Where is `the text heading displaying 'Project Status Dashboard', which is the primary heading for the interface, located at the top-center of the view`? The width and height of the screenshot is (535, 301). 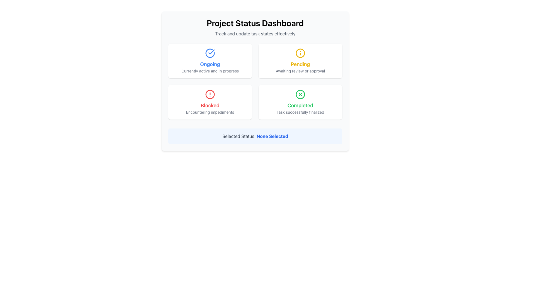 the text heading displaying 'Project Status Dashboard', which is the primary heading for the interface, located at the top-center of the view is located at coordinates (255, 23).